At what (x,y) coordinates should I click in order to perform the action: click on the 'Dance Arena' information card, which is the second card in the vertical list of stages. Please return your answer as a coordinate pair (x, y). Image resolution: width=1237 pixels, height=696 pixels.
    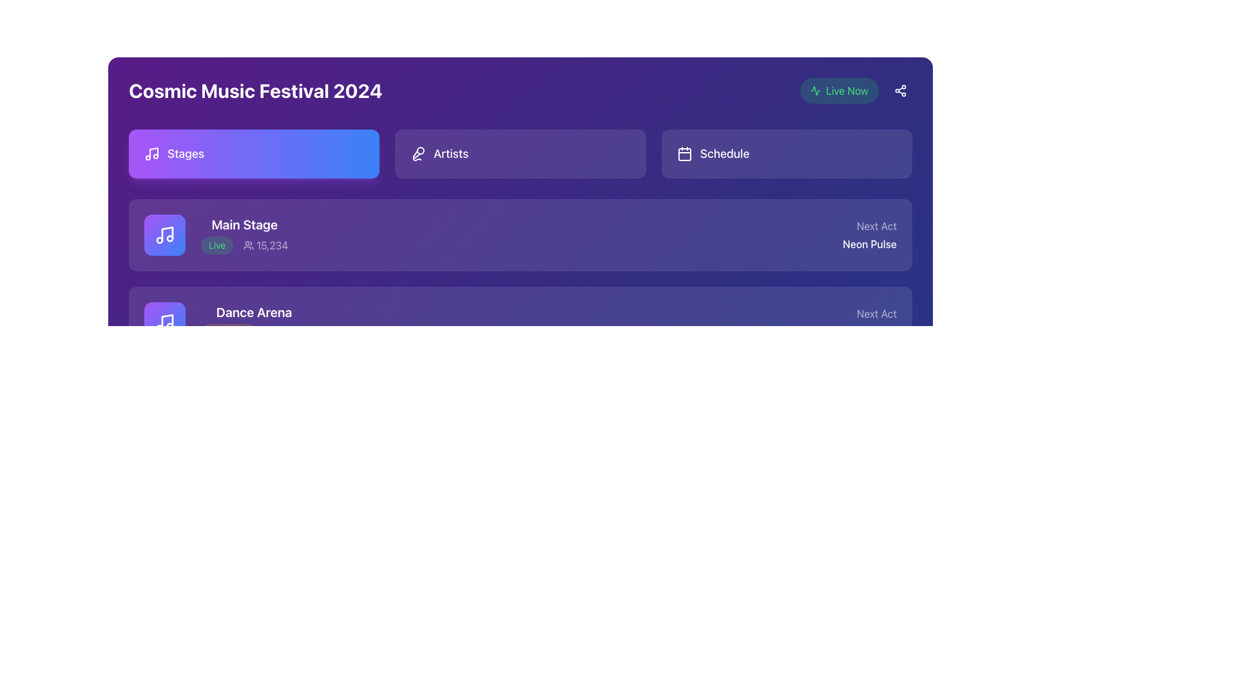
    Looking at the image, I should click on (225, 322).